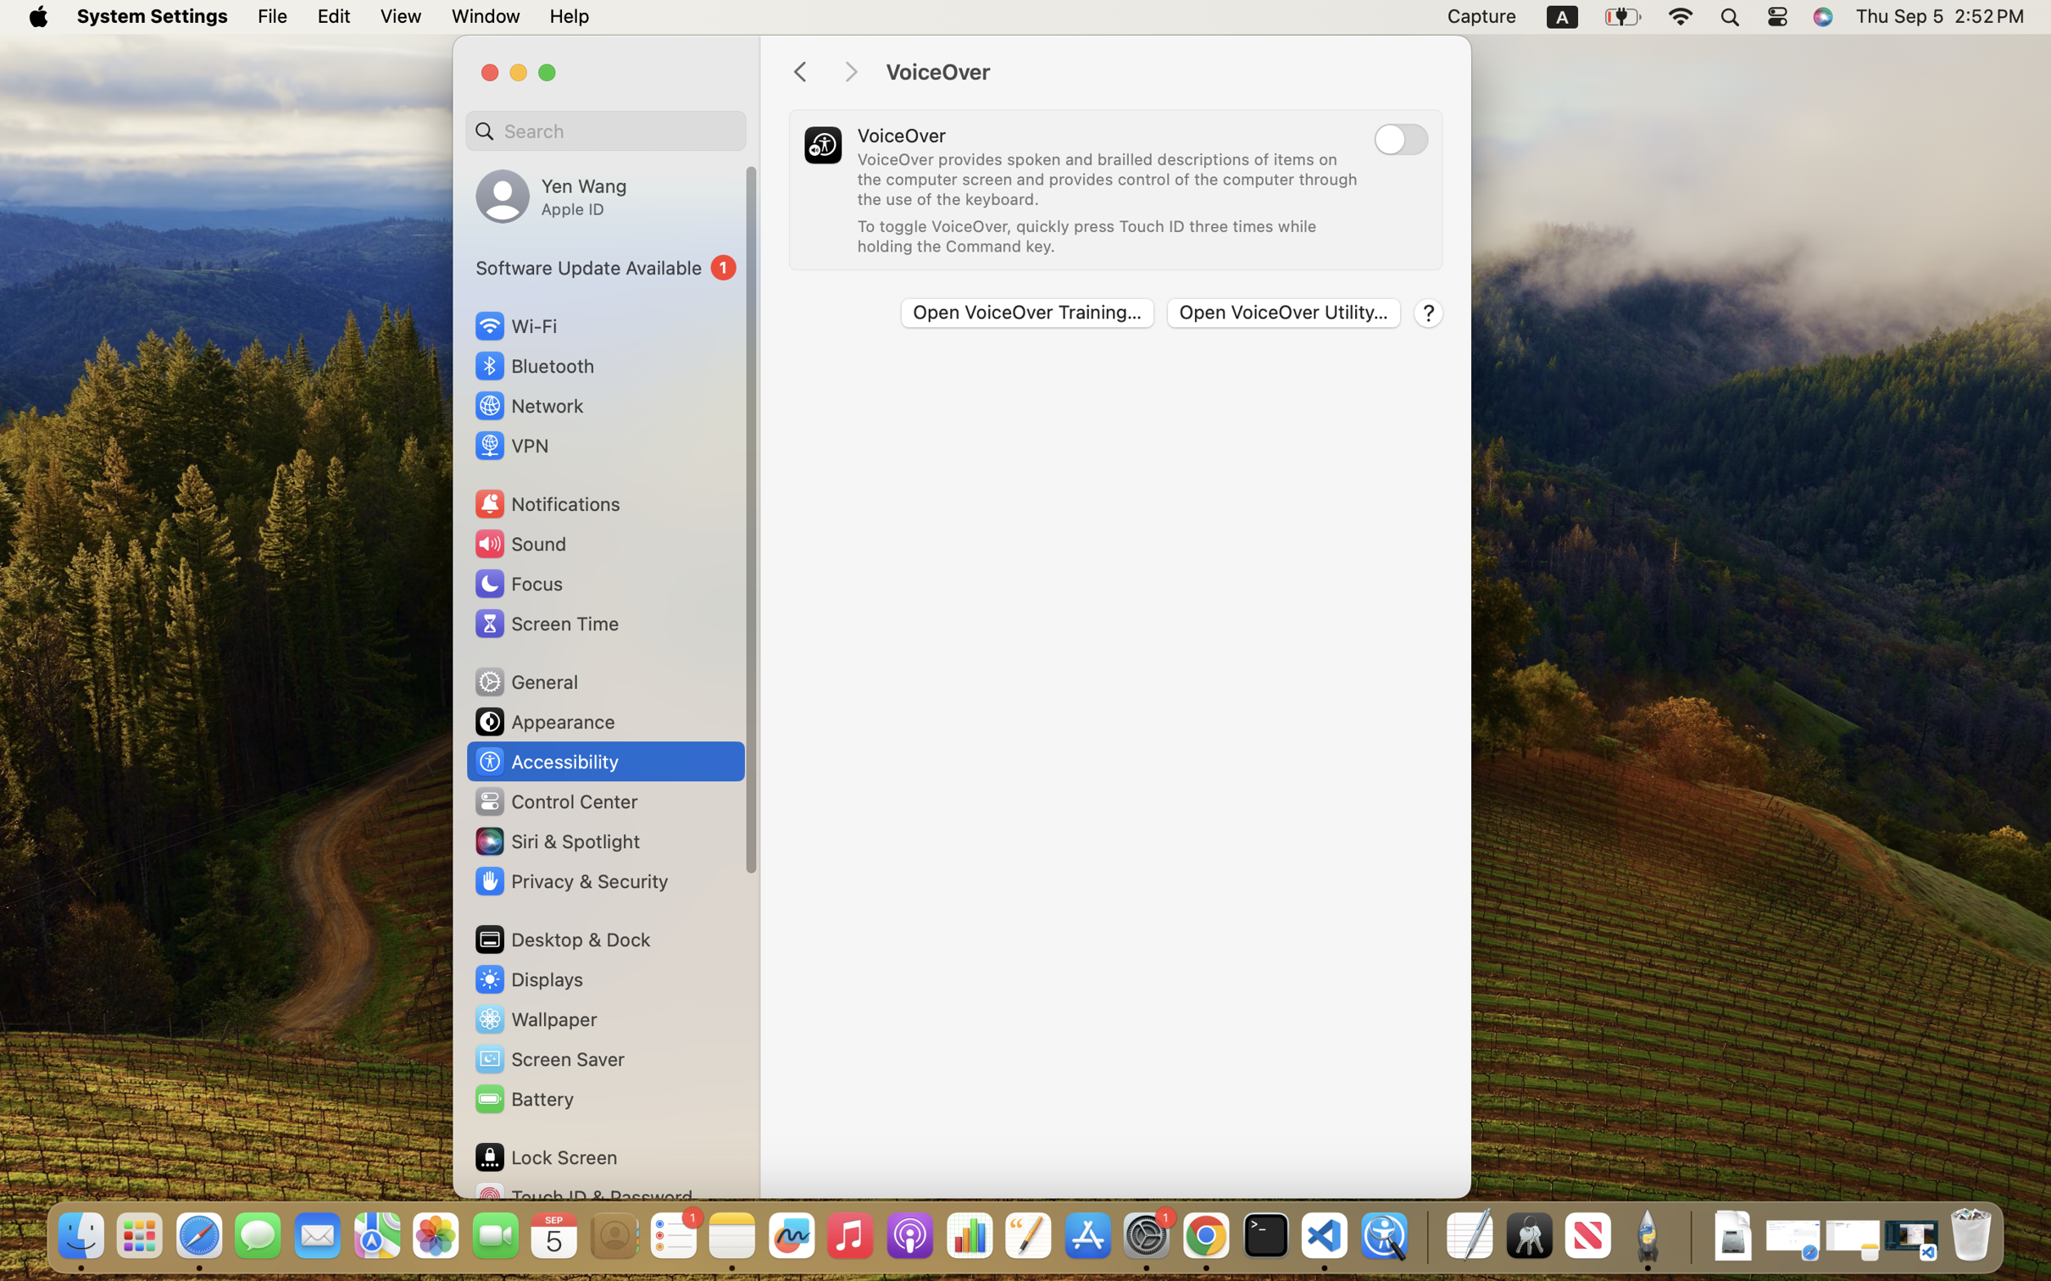  What do you see at coordinates (551, 195) in the screenshot?
I see `'Yen Wang, Apple ID'` at bounding box center [551, 195].